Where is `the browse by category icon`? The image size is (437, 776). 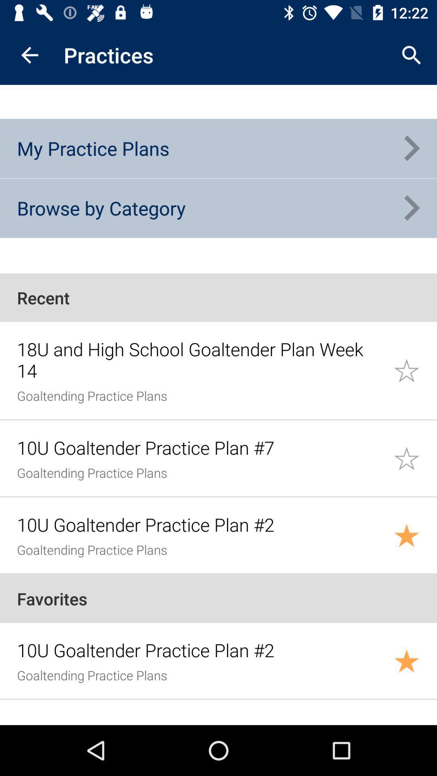 the browse by category icon is located at coordinates (101, 208).